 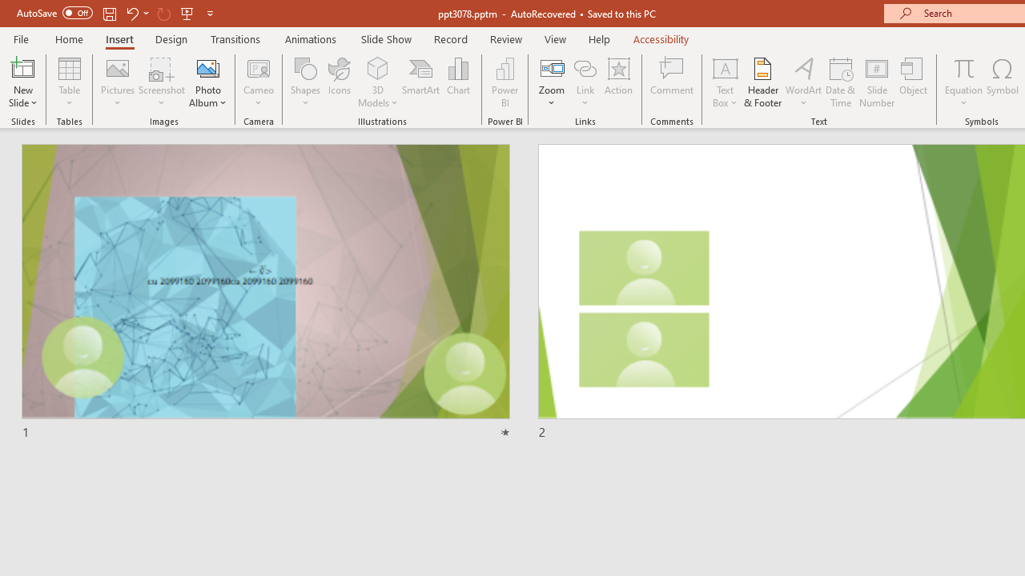 I want to click on '3D Models', so click(x=377, y=67).